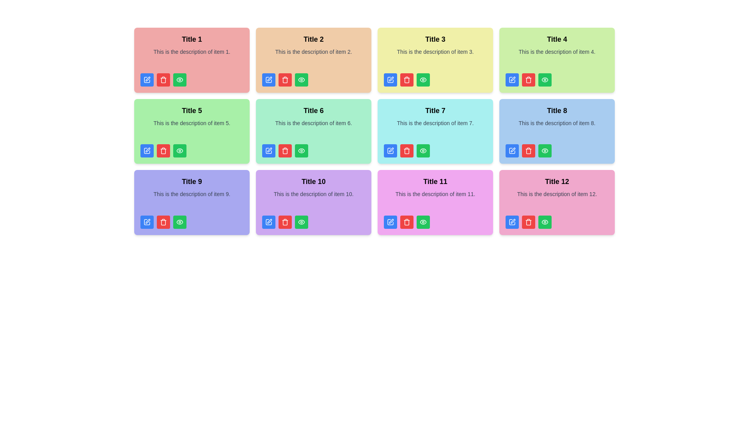 The image size is (749, 421). I want to click on one of the interactive buttons in the horizontal section of the purple card labeled 'Title 9', located in the bottom part of the card, so click(192, 222).